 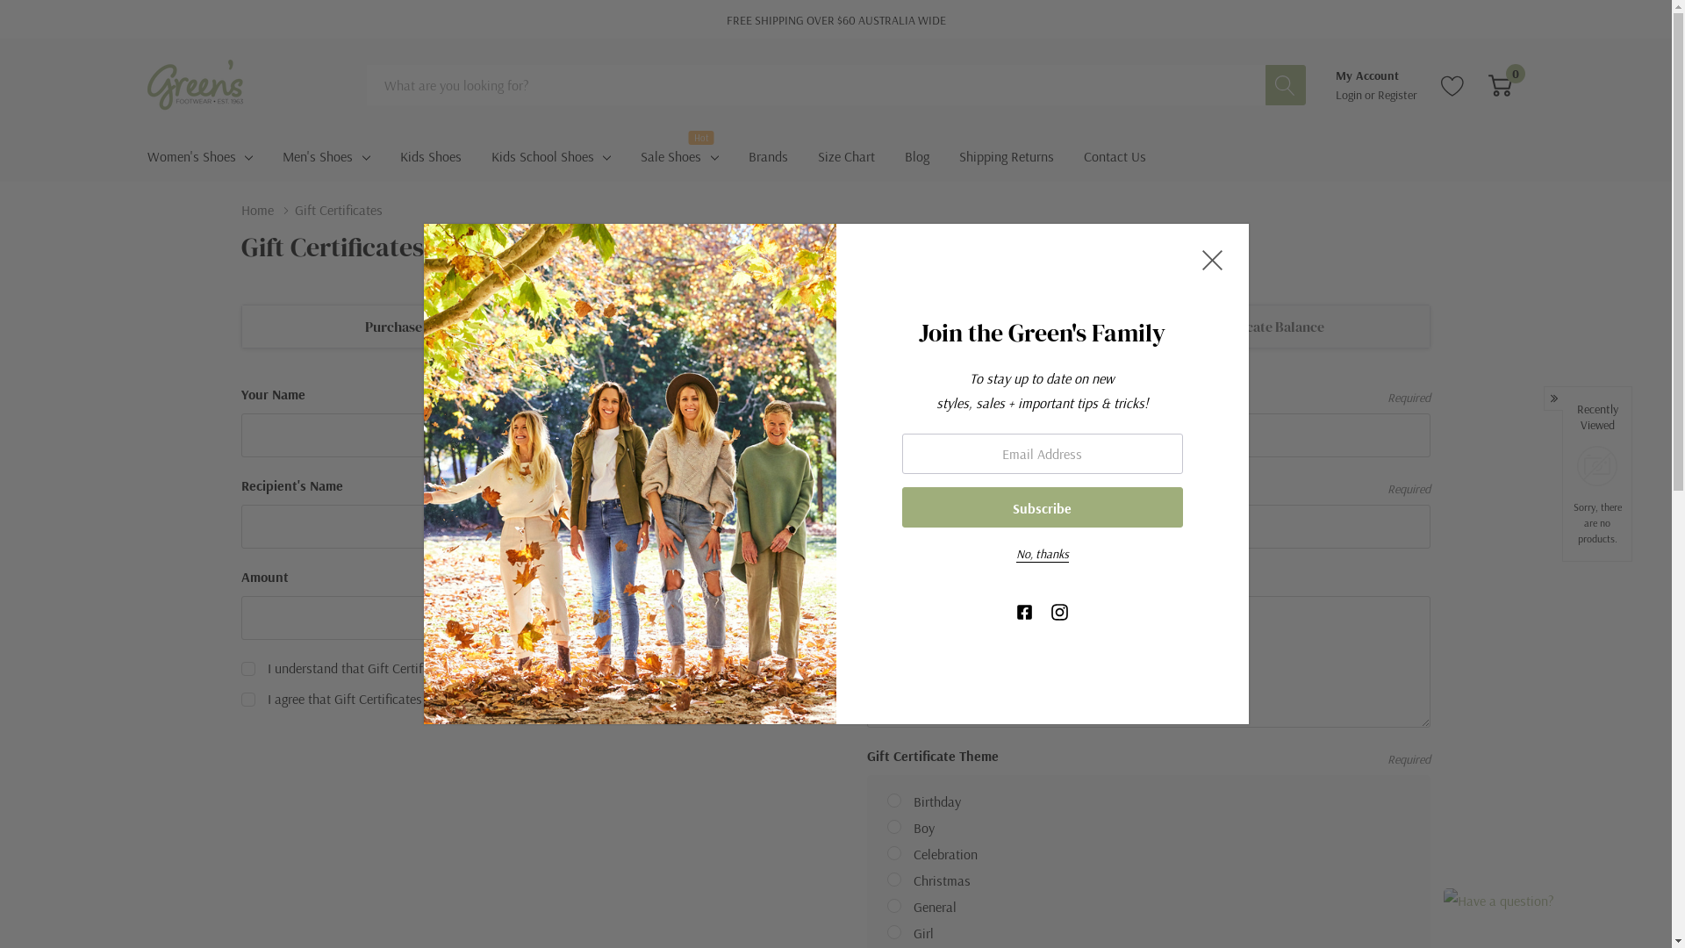 I want to click on 'Shipping Returns', so click(x=1007, y=154).